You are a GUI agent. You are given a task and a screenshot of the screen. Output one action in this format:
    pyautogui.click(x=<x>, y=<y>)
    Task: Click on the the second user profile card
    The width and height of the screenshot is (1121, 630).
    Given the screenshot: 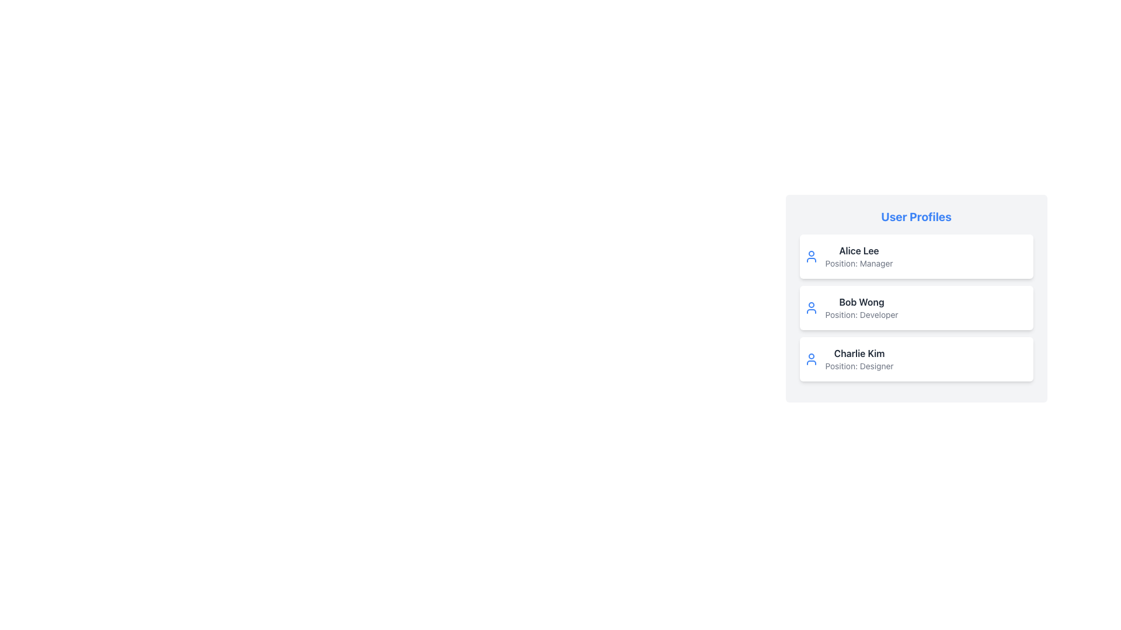 What is the action you would take?
    pyautogui.click(x=915, y=307)
    